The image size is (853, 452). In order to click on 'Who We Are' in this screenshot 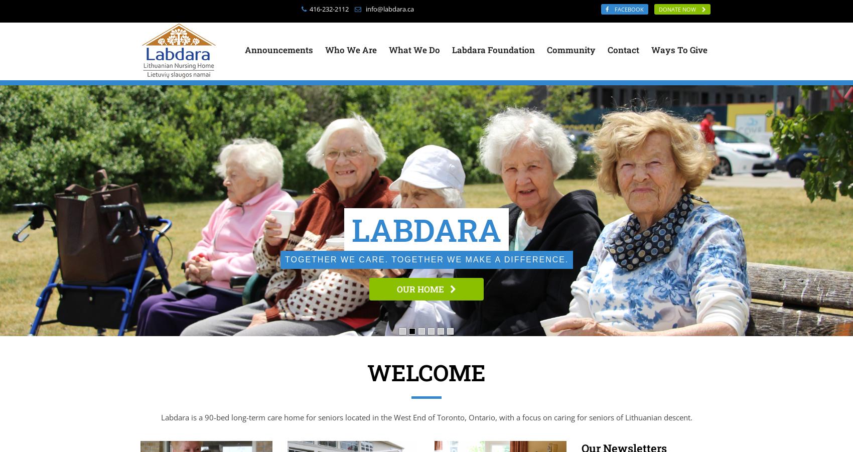, I will do `click(351, 50)`.